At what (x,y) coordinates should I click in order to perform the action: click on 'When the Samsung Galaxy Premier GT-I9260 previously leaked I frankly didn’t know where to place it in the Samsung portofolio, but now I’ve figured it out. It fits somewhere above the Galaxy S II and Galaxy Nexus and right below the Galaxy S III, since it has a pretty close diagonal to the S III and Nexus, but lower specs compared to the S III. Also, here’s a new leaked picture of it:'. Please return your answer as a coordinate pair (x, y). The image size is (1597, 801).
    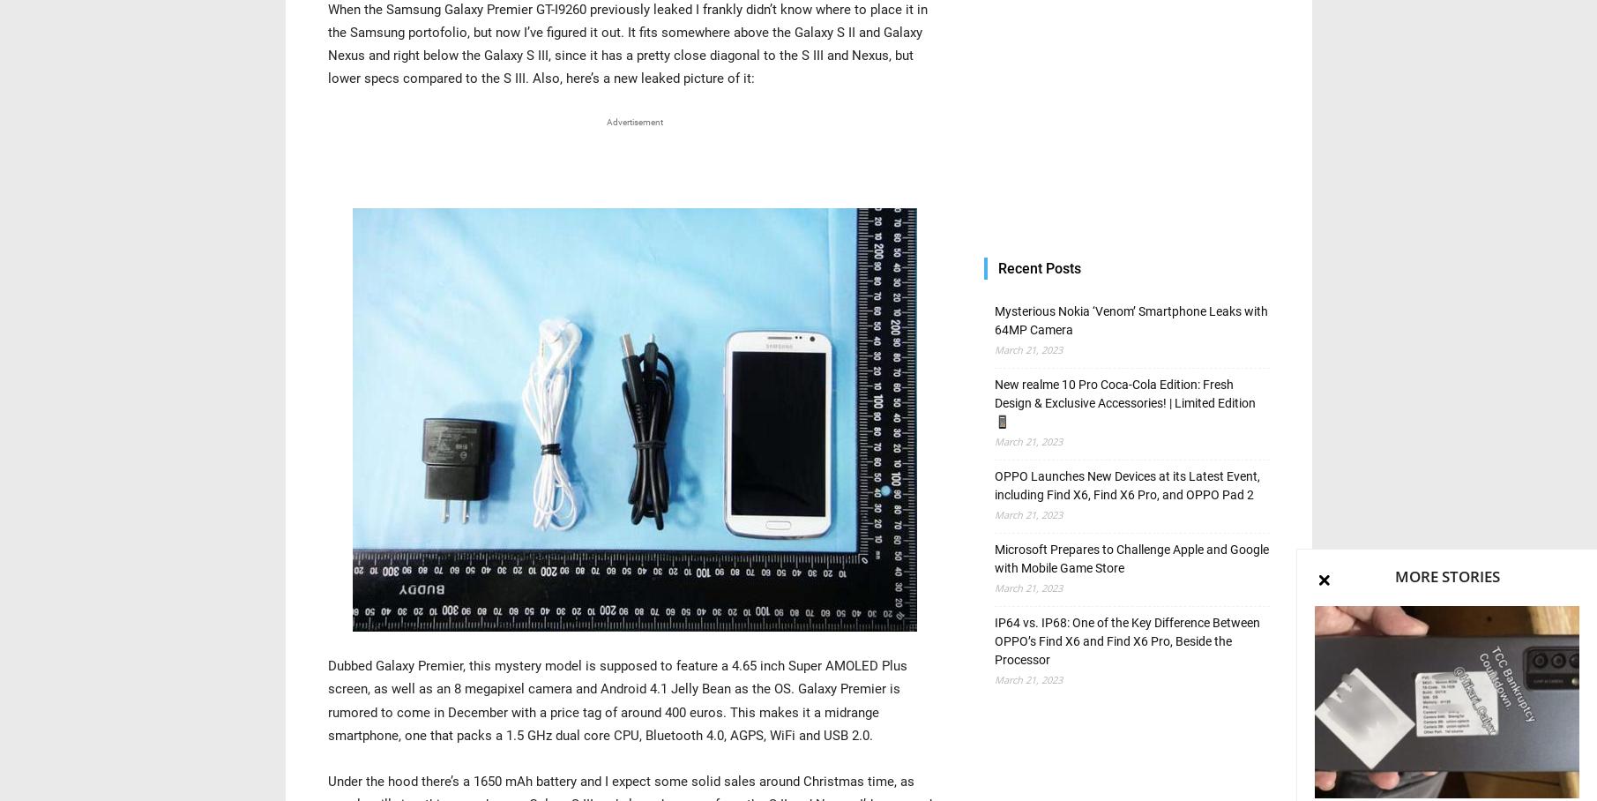
    Looking at the image, I should click on (625, 44).